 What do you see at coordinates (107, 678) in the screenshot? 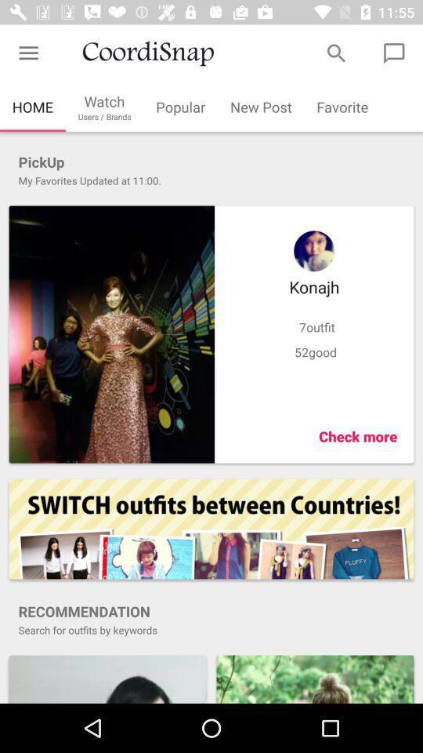
I see `image open option` at bounding box center [107, 678].